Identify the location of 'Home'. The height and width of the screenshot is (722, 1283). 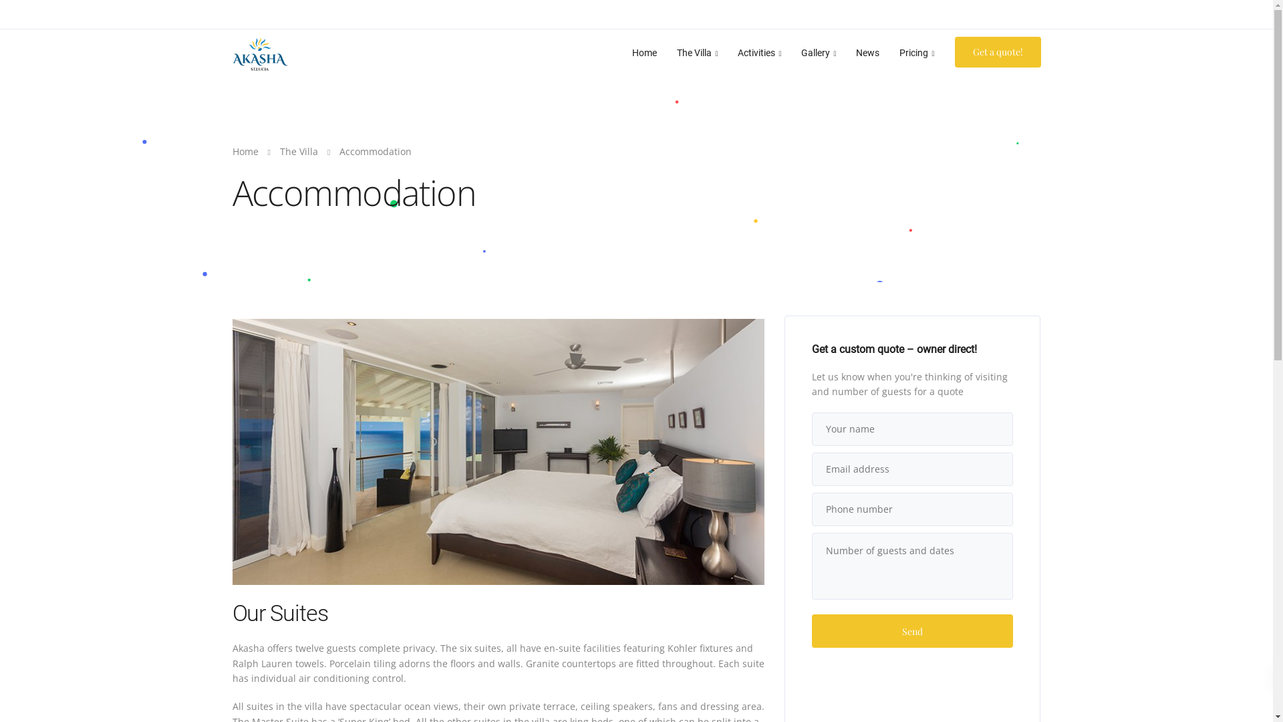
(245, 150).